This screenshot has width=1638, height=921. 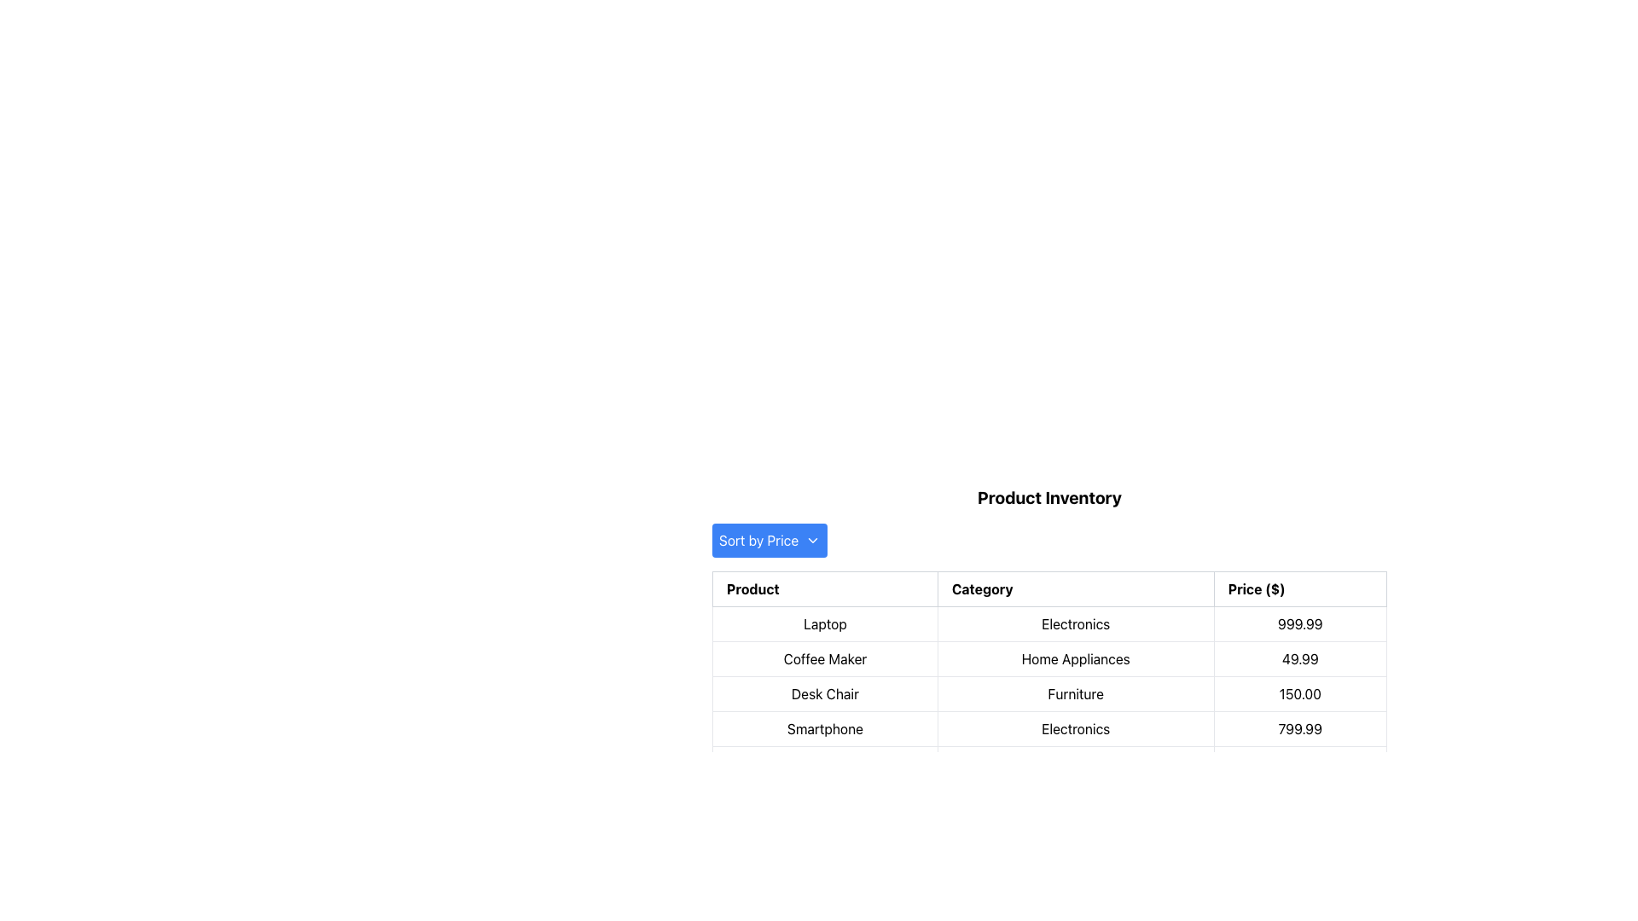 What do you see at coordinates (1048, 634) in the screenshot?
I see `the table cell displaying the category information for the product 'Laptop' in the inventory table to highlight or select the text` at bounding box center [1048, 634].